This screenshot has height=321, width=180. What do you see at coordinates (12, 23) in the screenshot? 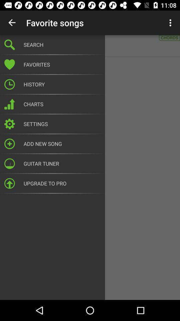
I see `icon next to the favorite songs item` at bounding box center [12, 23].